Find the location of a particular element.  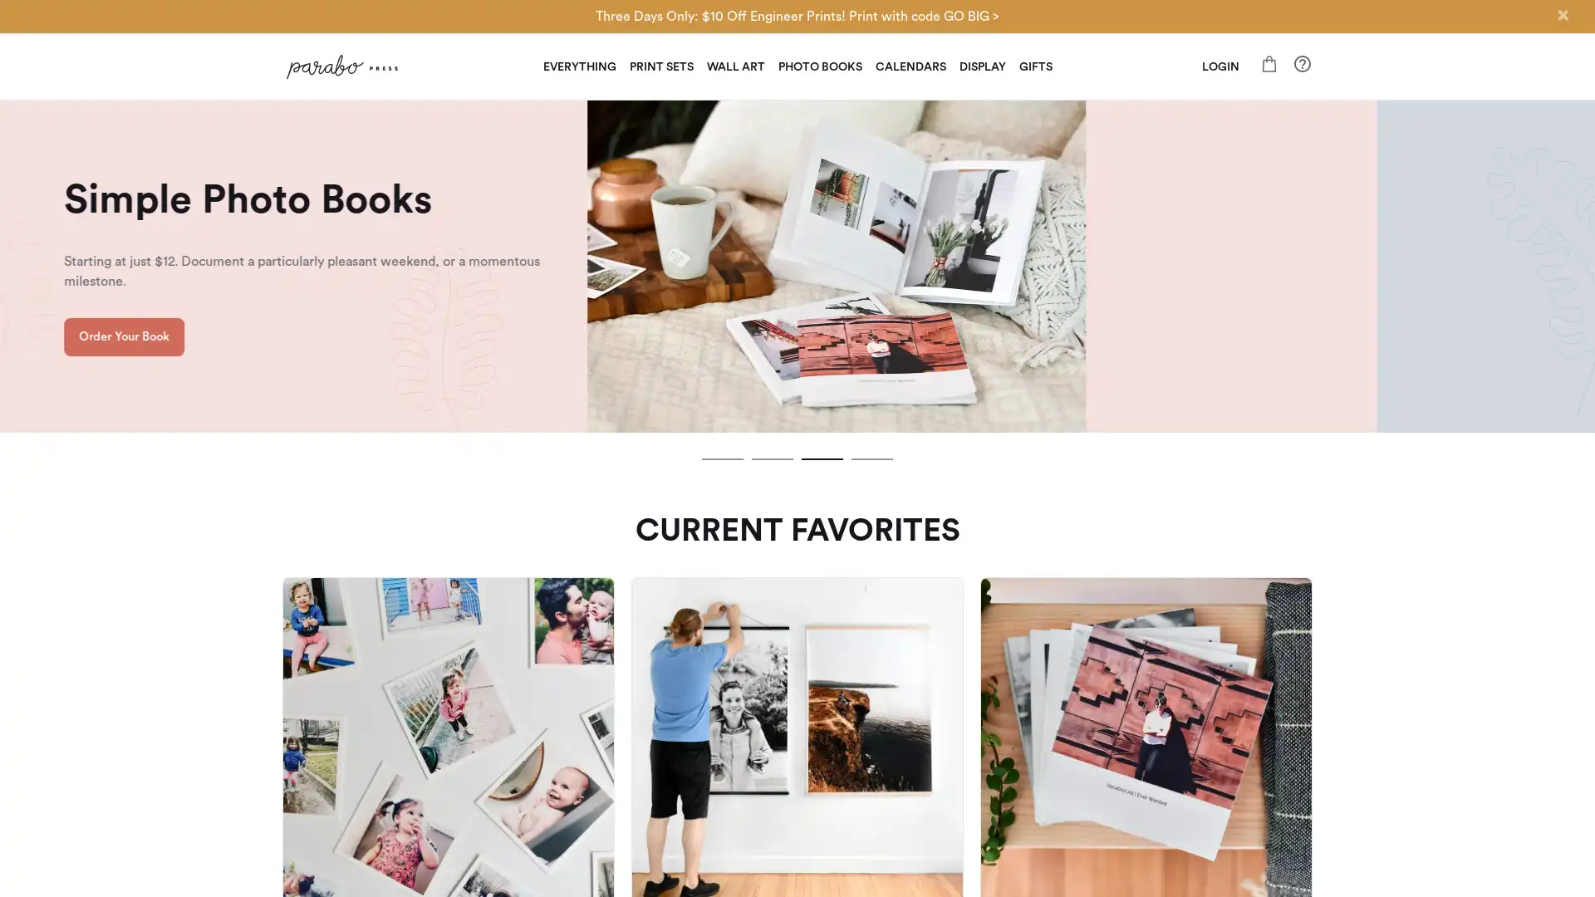

subscribe is located at coordinates (912, 640).